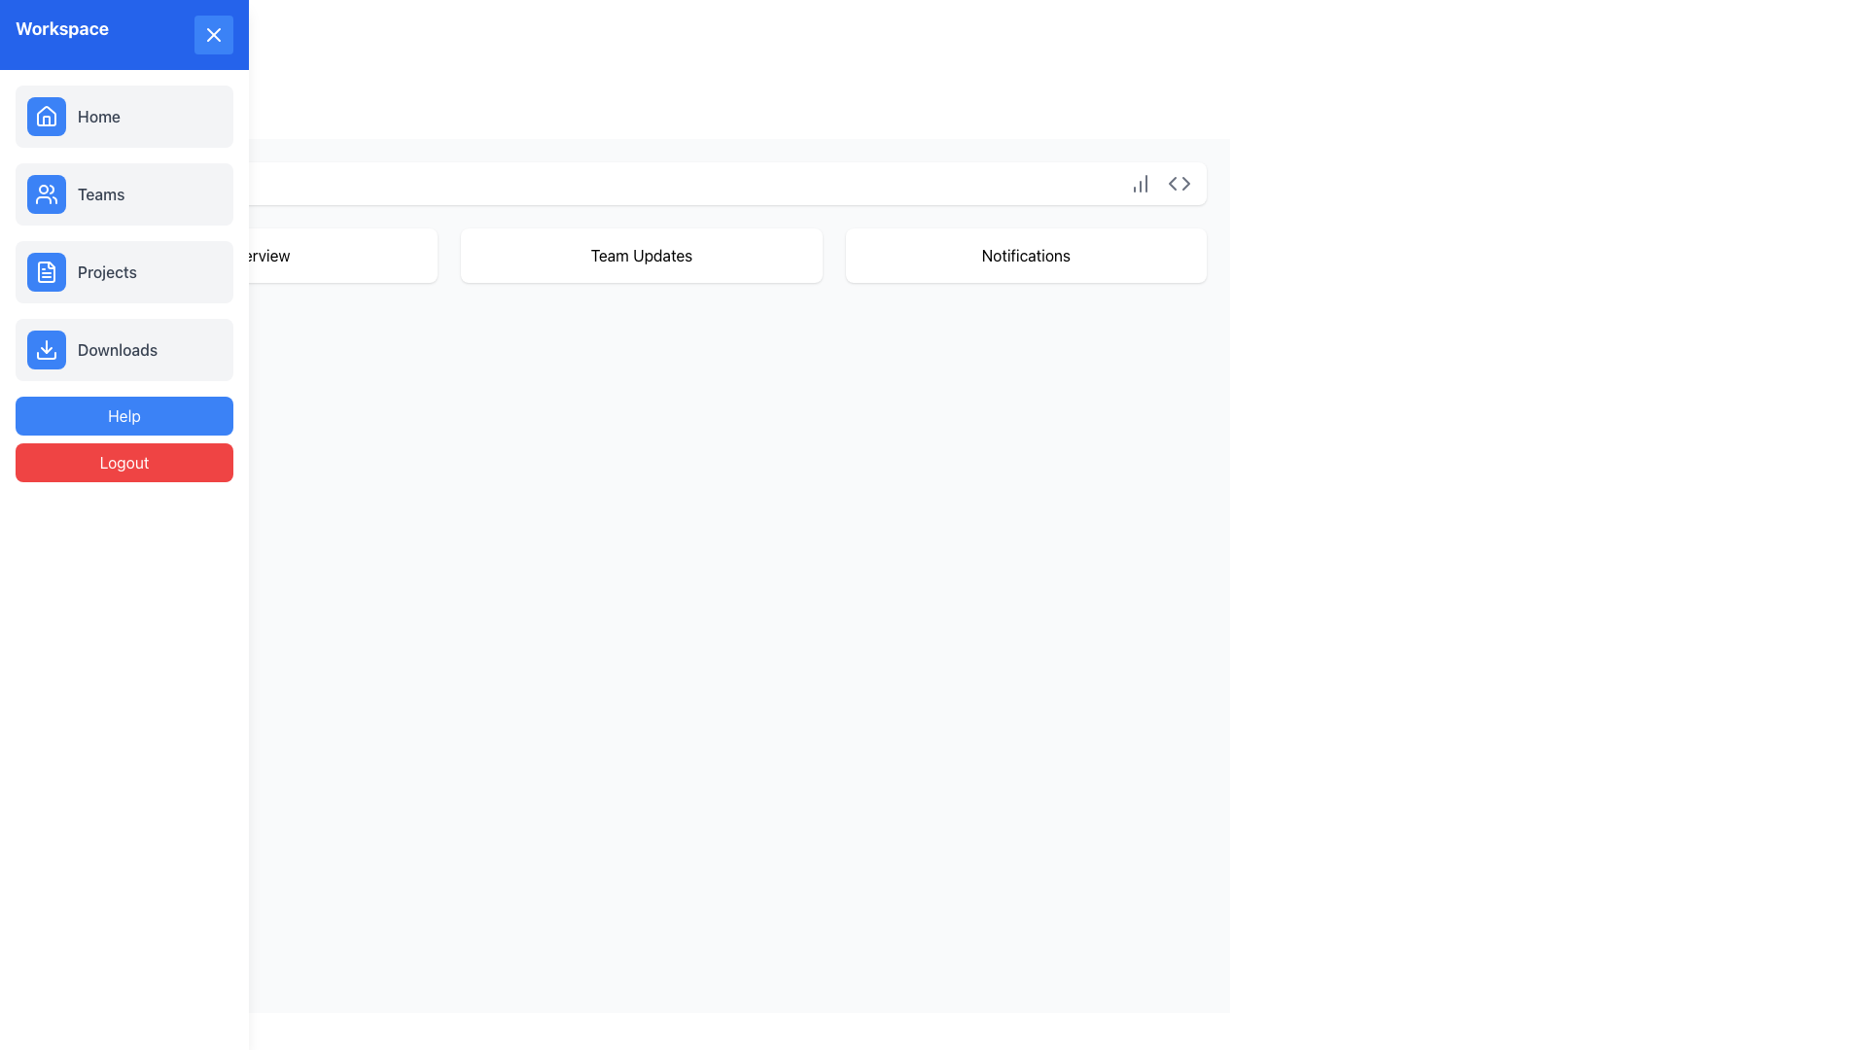  What do you see at coordinates (116, 348) in the screenshot?
I see `the interactive button containing the 'Downloads' text label` at bounding box center [116, 348].